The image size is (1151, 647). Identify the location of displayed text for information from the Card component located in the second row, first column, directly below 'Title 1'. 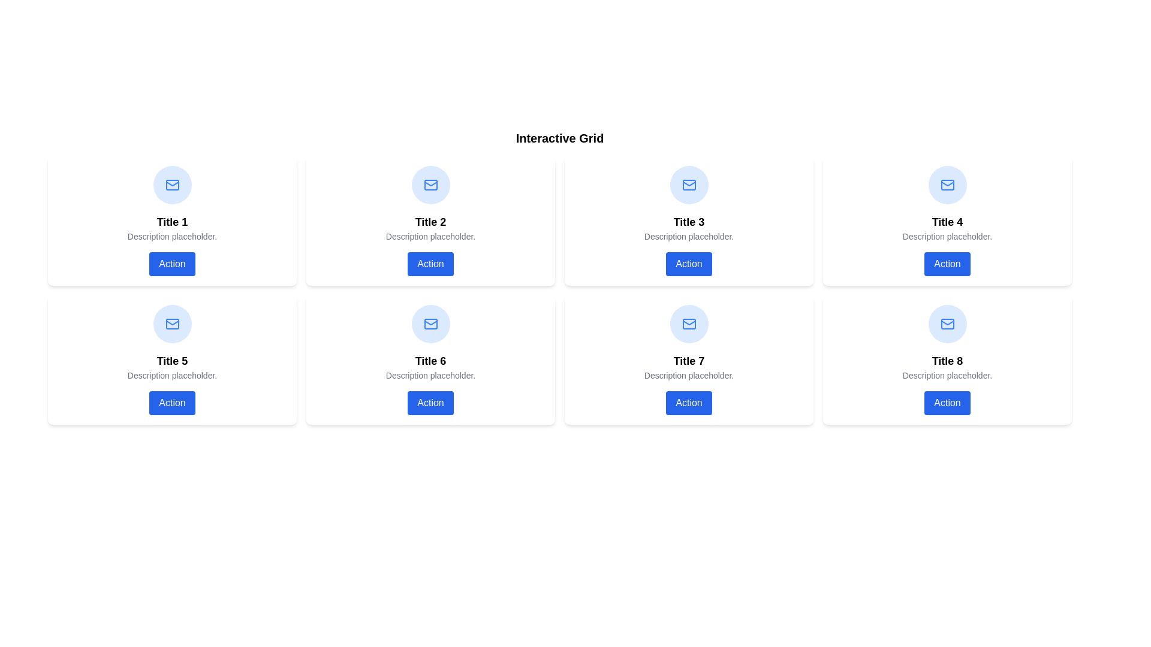
(171, 359).